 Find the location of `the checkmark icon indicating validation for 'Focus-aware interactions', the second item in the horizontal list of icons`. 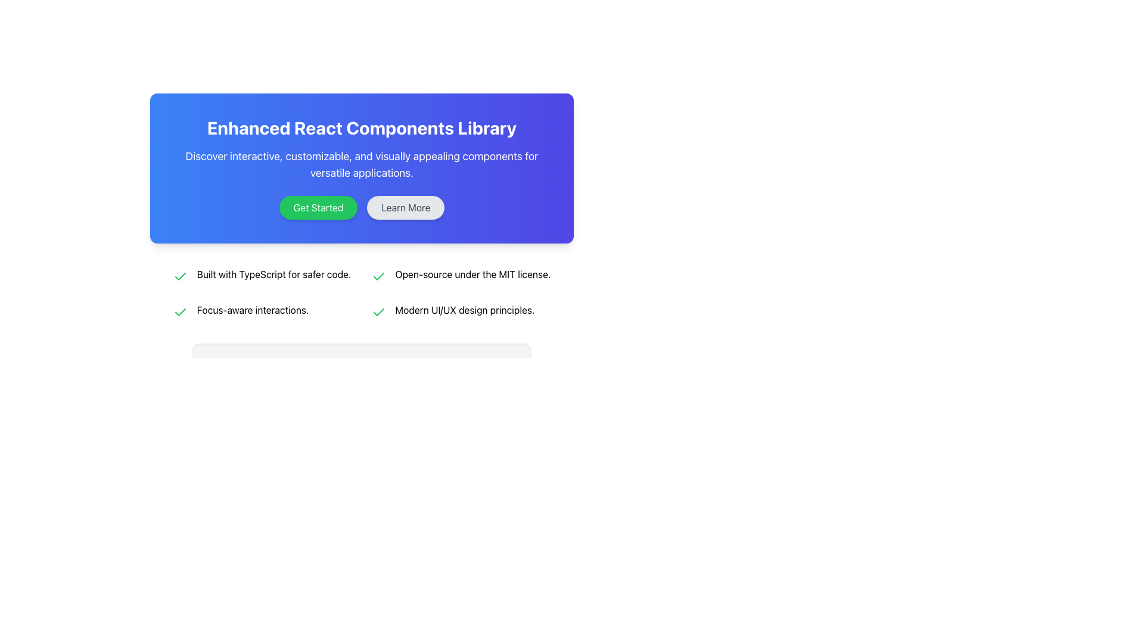

the checkmark icon indicating validation for 'Focus-aware interactions', the second item in the horizontal list of icons is located at coordinates (179, 311).